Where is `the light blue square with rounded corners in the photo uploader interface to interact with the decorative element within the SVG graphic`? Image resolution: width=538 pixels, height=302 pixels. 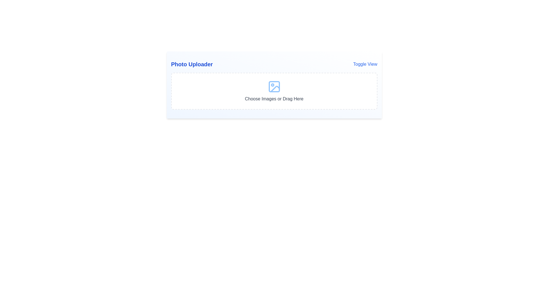
the light blue square with rounded corners in the photo uploader interface to interact with the decorative element within the SVG graphic is located at coordinates (274, 86).